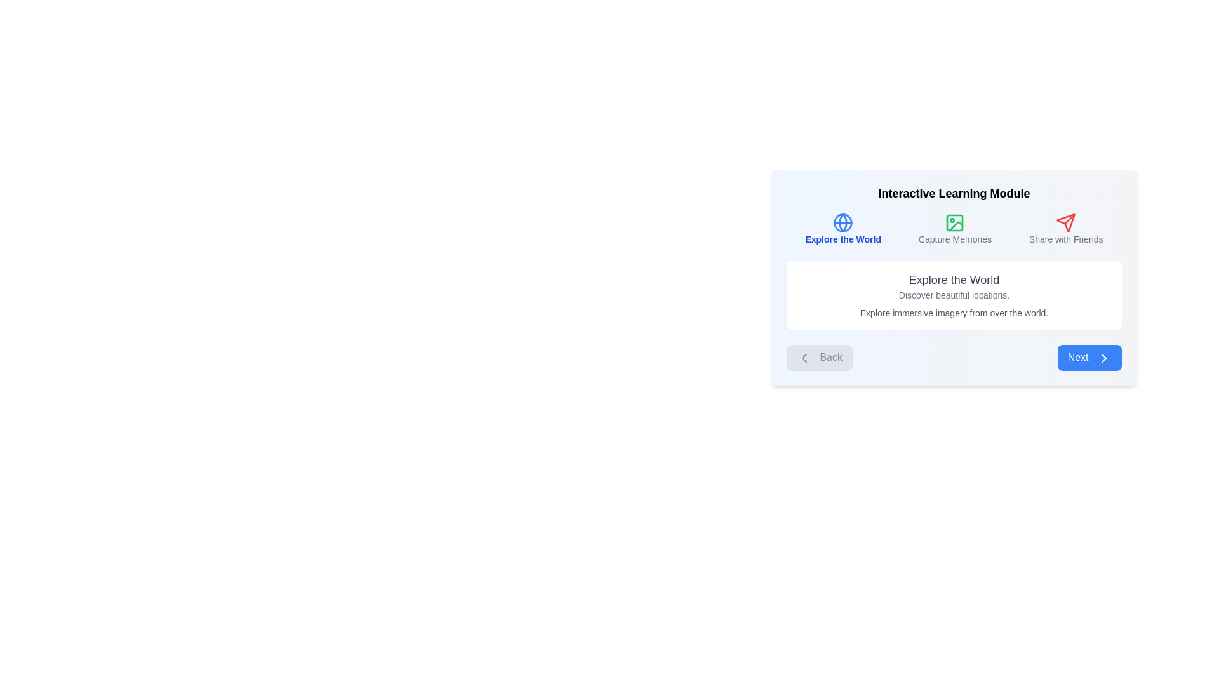 This screenshot has height=686, width=1219. Describe the element at coordinates (843, 229) in the screenshot. I see `the 'Explore the World' group component, which features a globe icon and is the first option in a horizontally aligned list` at that location.